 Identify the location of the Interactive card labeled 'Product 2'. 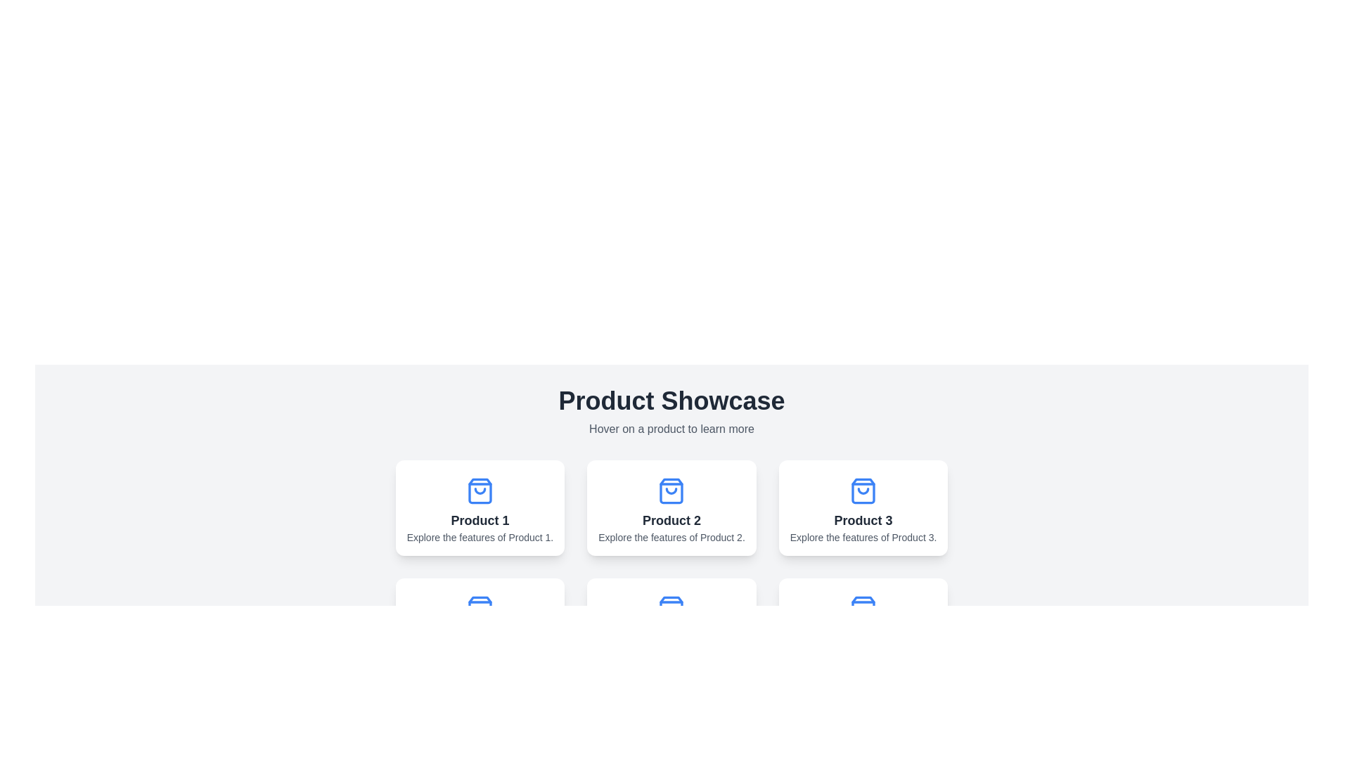
(671, 507).